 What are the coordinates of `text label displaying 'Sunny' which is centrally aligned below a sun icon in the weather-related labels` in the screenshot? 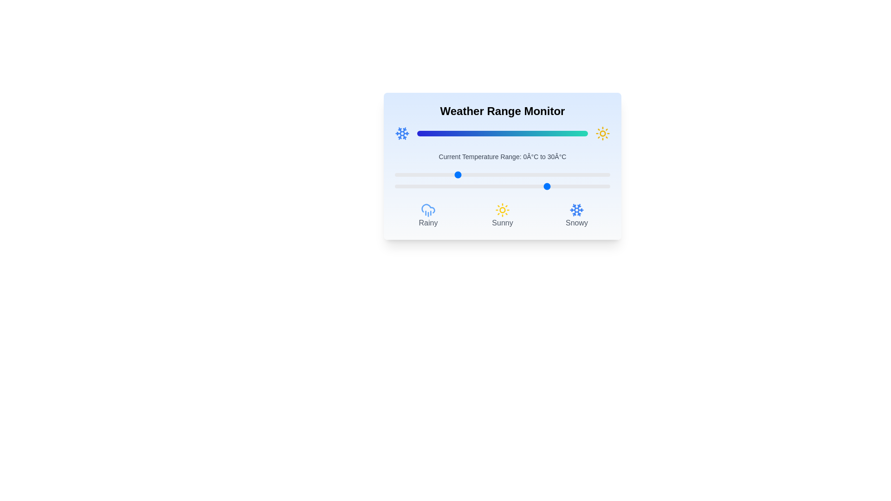 It's located at (502, 223).